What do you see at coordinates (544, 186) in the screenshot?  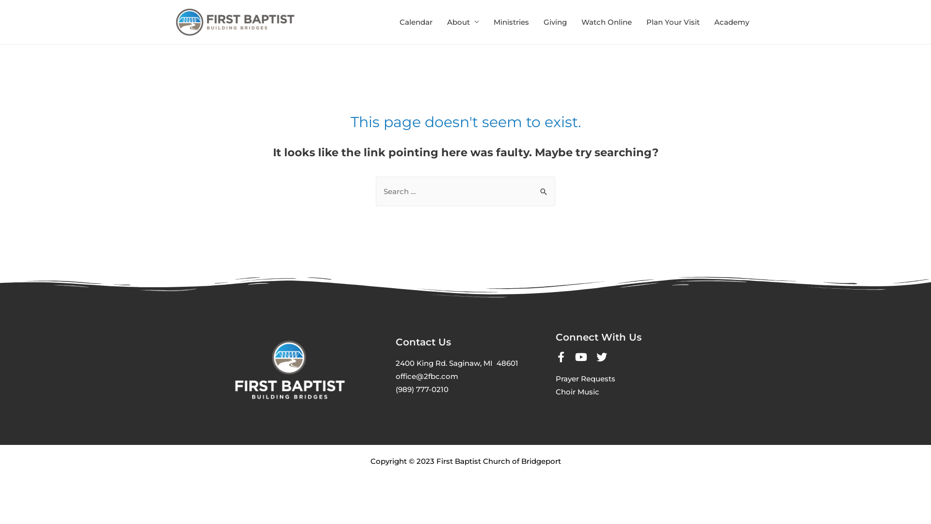 I see `'Search'` at bounding box center [544, 186].